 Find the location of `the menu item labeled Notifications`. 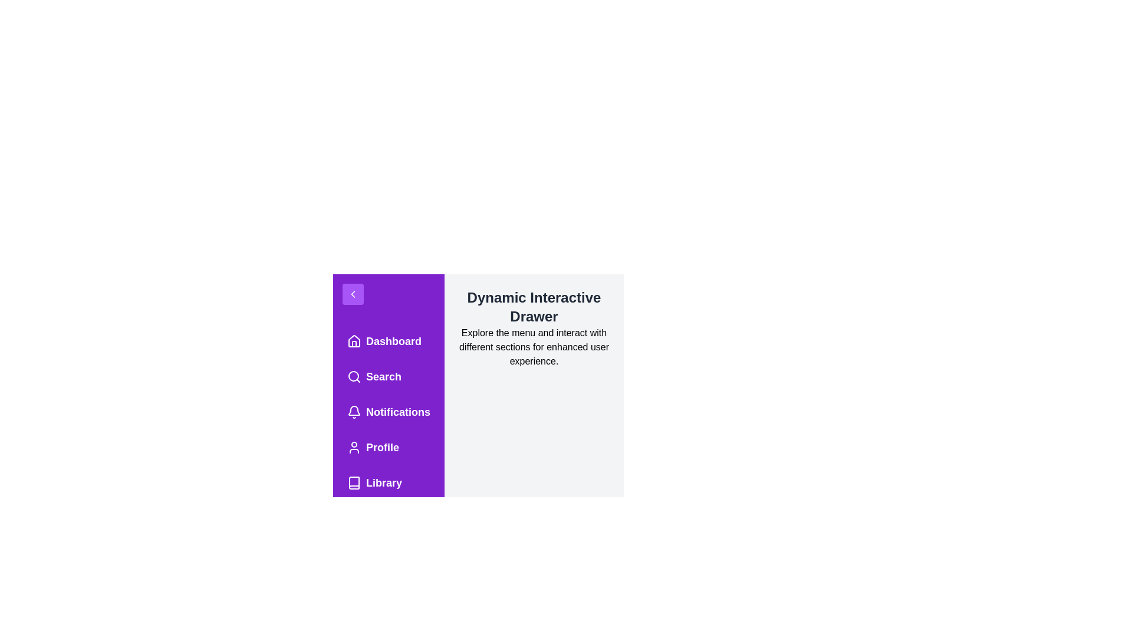

the menu item labeled Notifications is located at coordinates (389, 411).